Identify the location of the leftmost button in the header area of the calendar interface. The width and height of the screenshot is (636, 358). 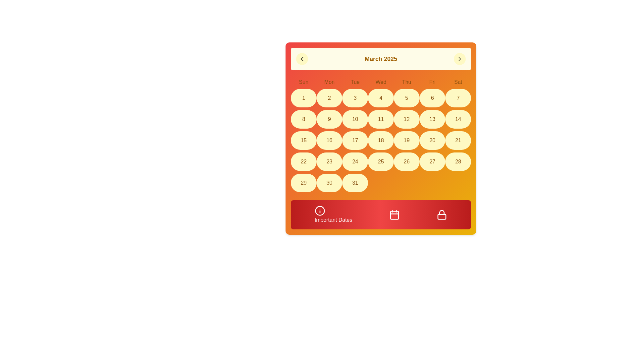
(302, 58).